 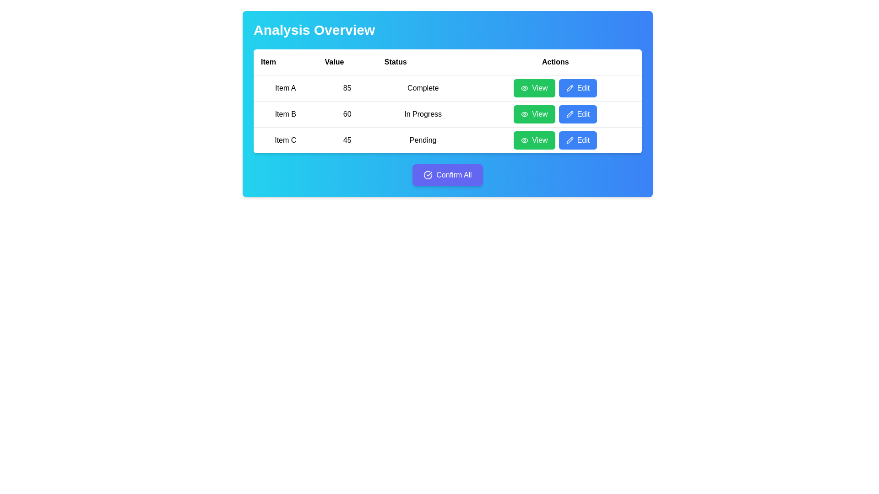 I want to click on the eye icon located inside the green 'View' button in the second row of the table under the 'Actions' column, corresponding to 'Item B', so click(x=525, y=114).